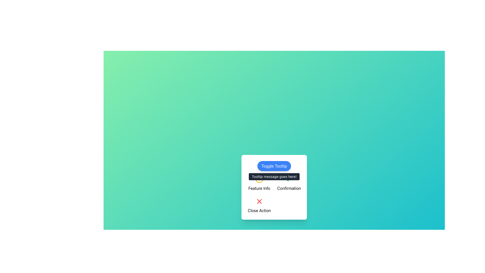  Describe the element at coordinates (259, 211) in the screenshot. I see `static text label 'Close Action' located centrally below the red 'X' icon in the dialog box` at that location.